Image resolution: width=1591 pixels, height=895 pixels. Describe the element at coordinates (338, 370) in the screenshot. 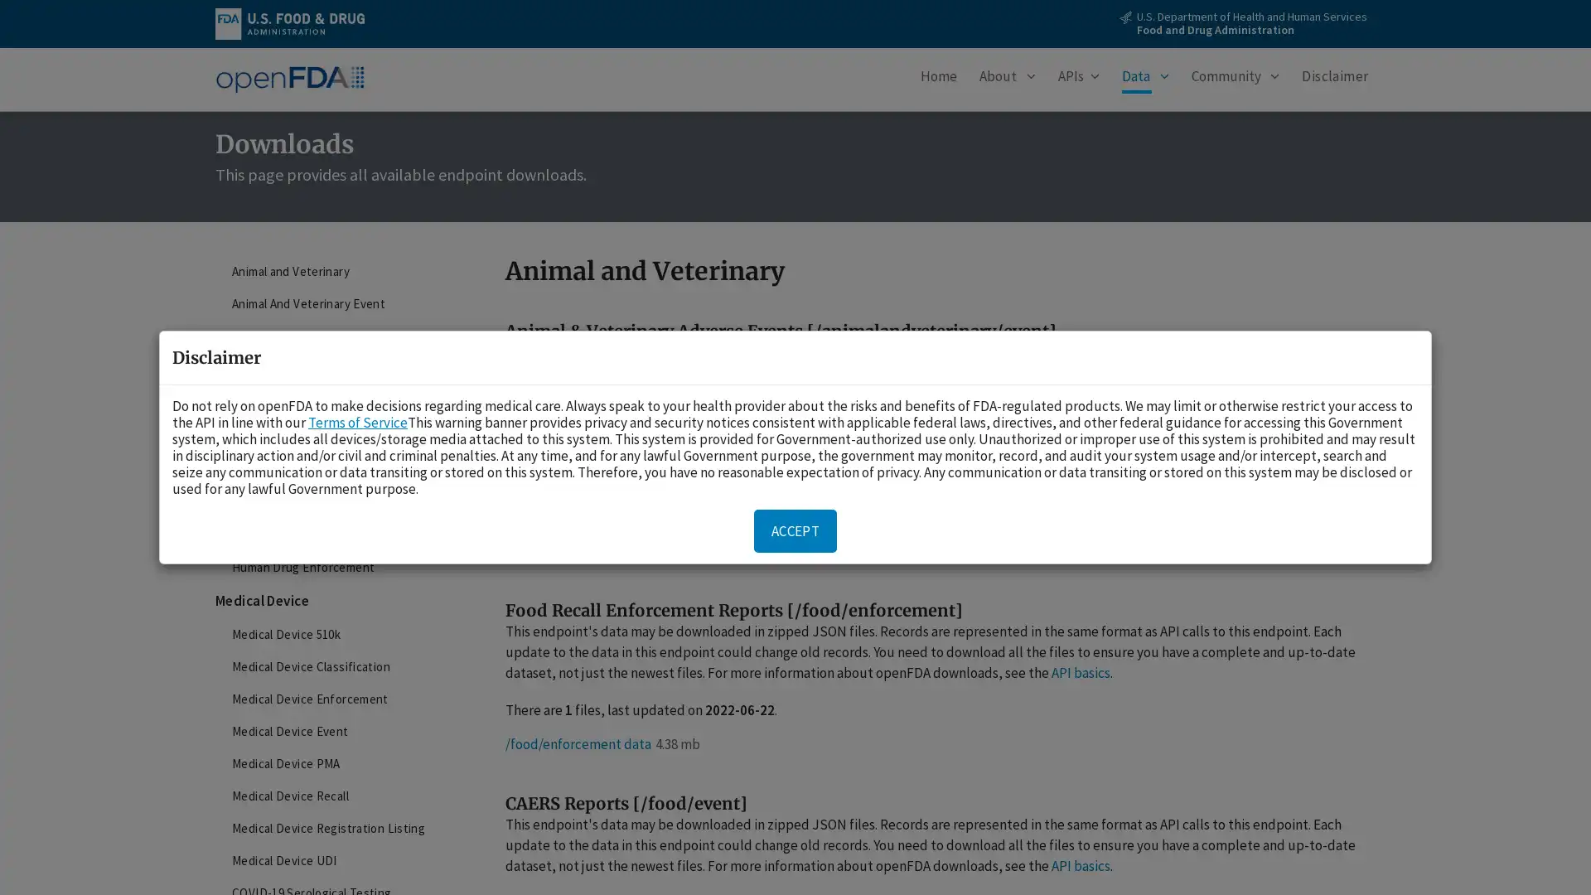

I see `Food Enforcement` at that location.